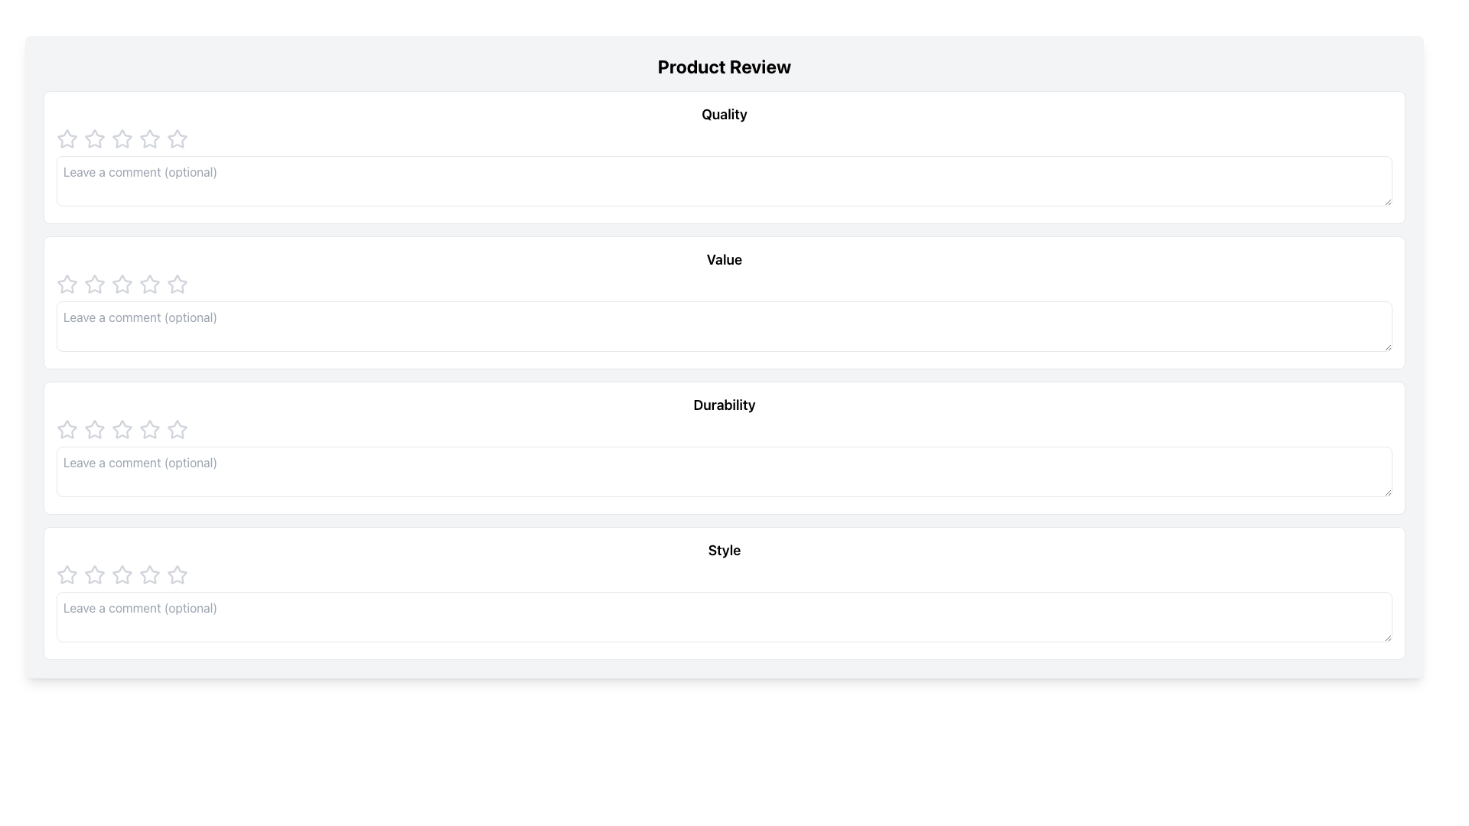 The width and height of the screenshot is (1469, 826). What do you see at coordinates (150, 138) in the screenshot?
I see `the second star from the left in the 'Quality' rating section to assign a two-star rating` at bounding box center [150, 138].